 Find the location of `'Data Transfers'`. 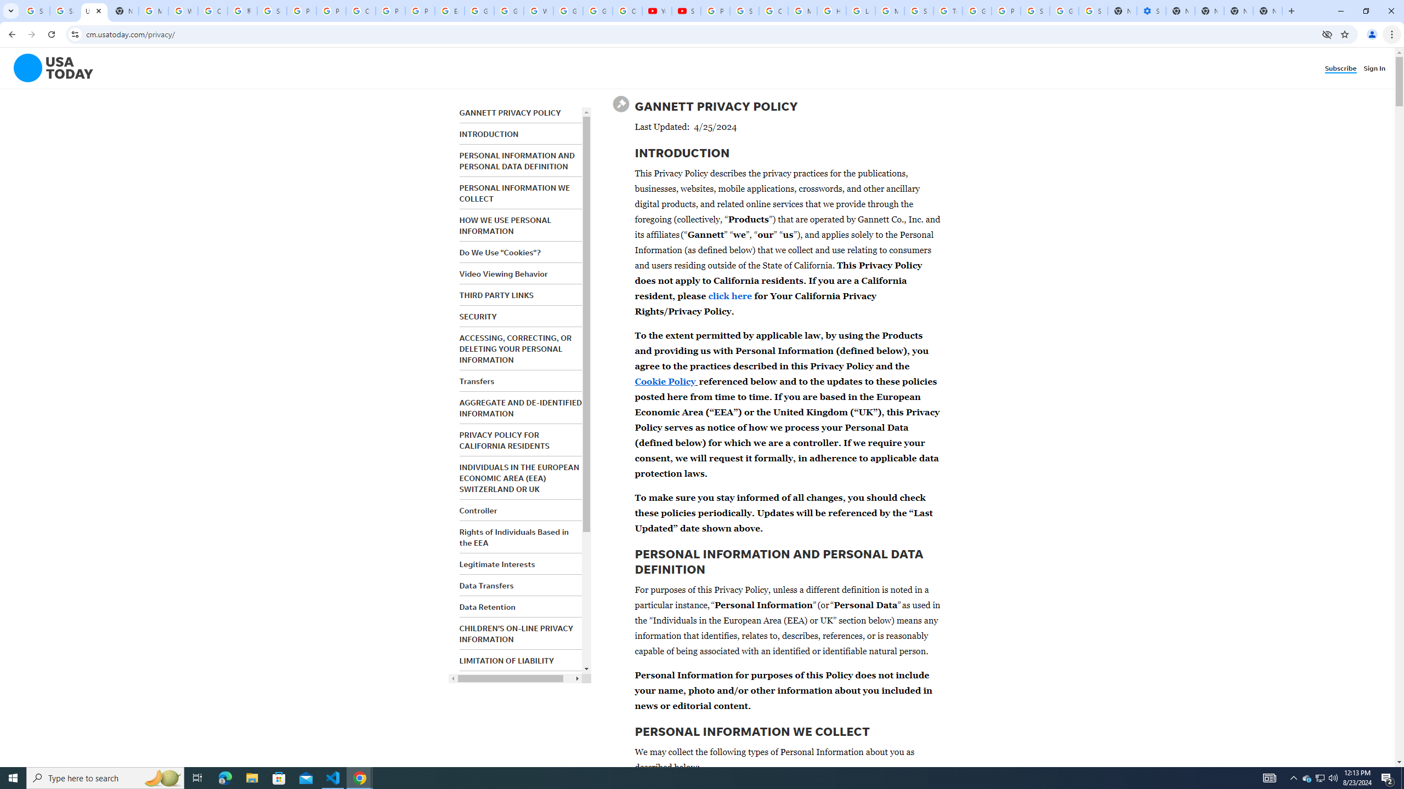

'Data Transfers' is located at coordinates (486, 585).